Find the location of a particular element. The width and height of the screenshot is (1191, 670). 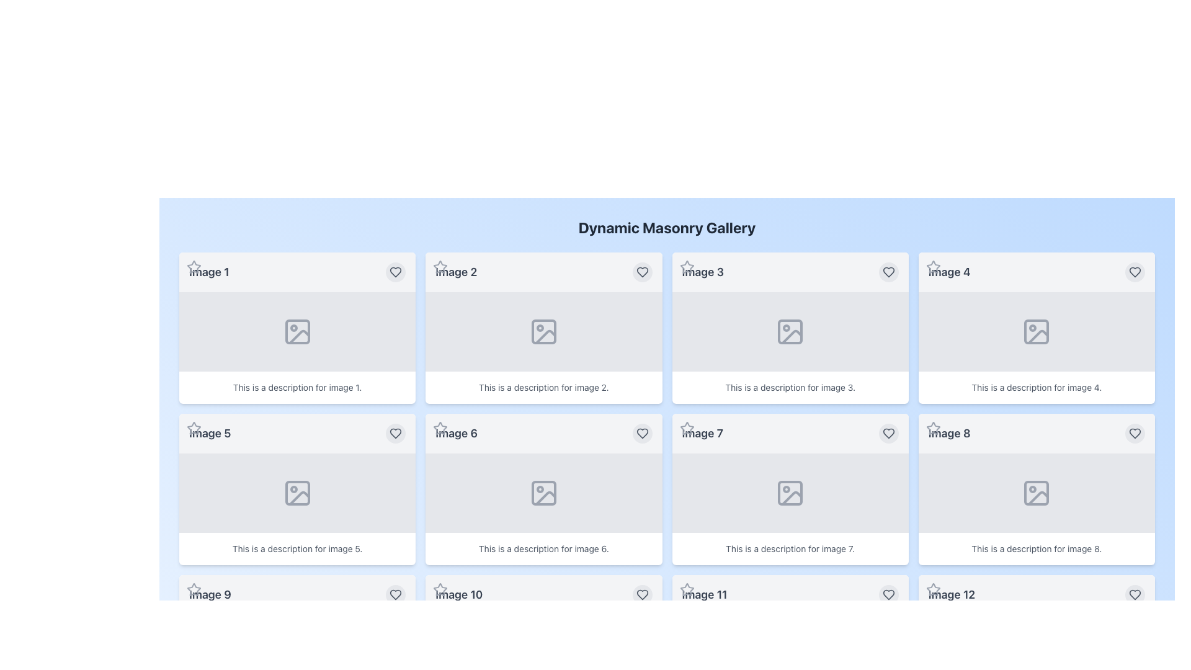

descriptive text located at the bottom section of the card labeled 'Image 7' in the dynamic grid gallery, positioned below the placeholder image and the title 'Image 7' is located at coordinates (790, 548).